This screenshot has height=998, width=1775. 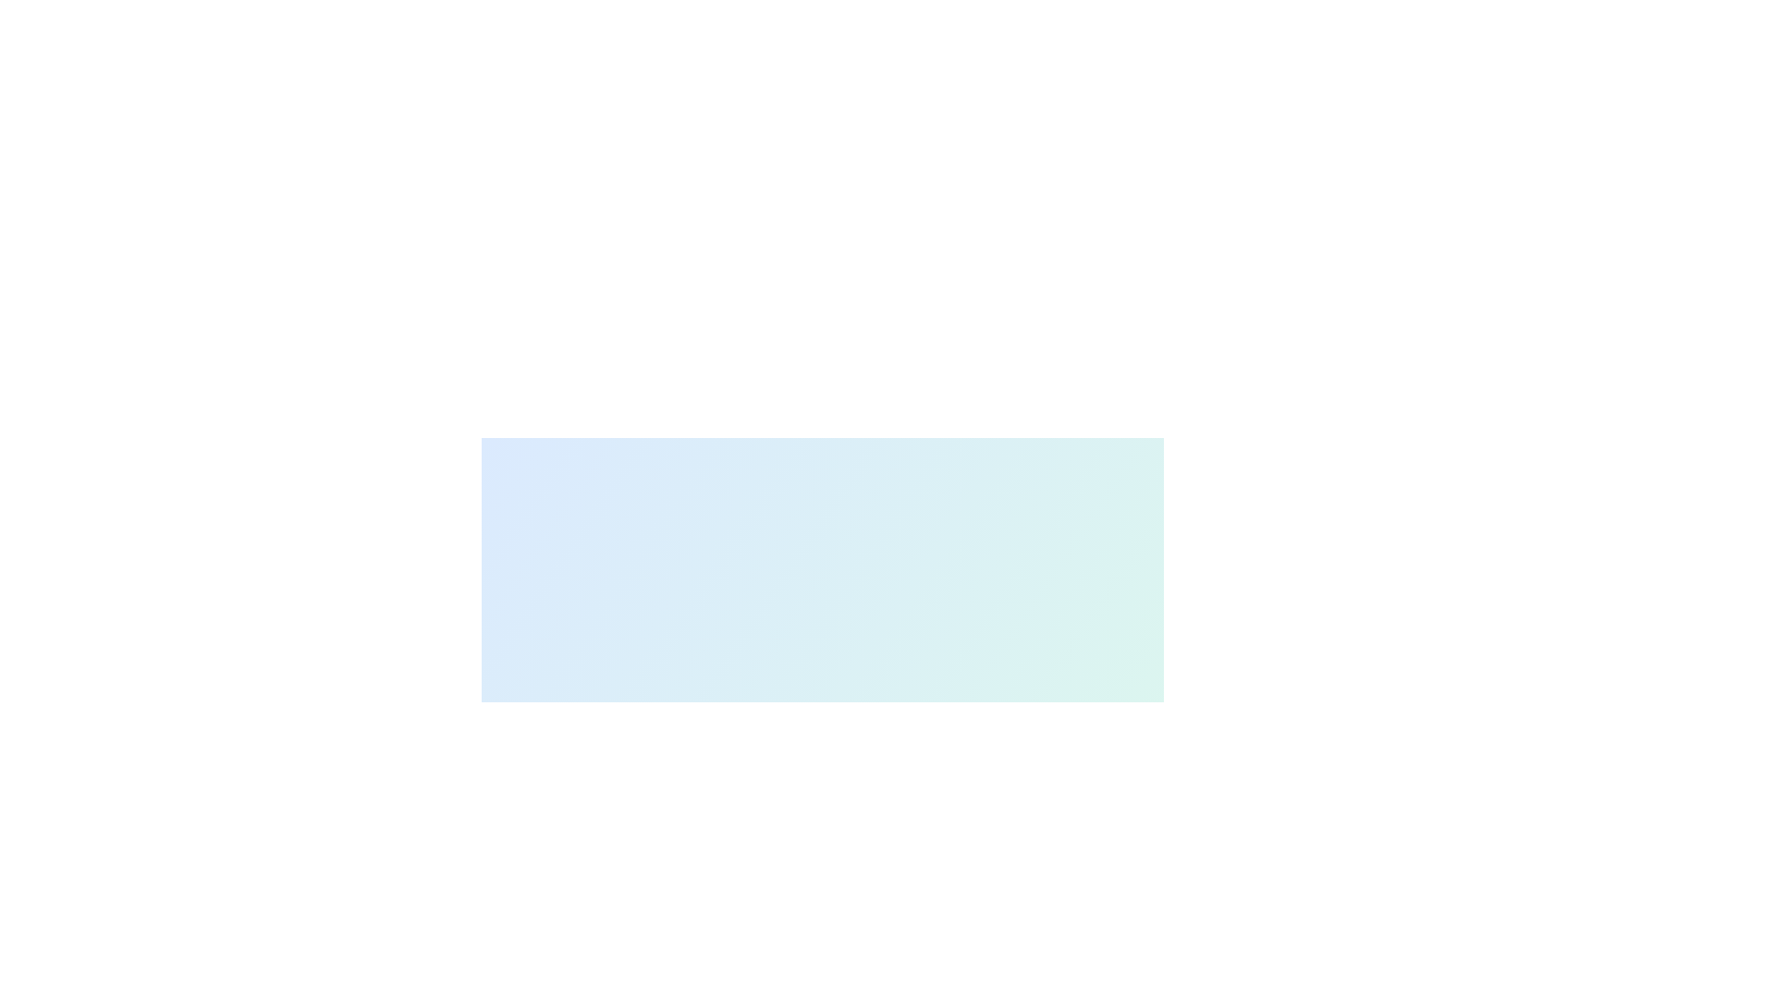 What do you see at coordinates (547, 801) in the screenshot?
I see `the decorative Circle shape within the SVG graphic, which is centrally positioned relative to its containing SVG element` at bounding box center [547, 801].